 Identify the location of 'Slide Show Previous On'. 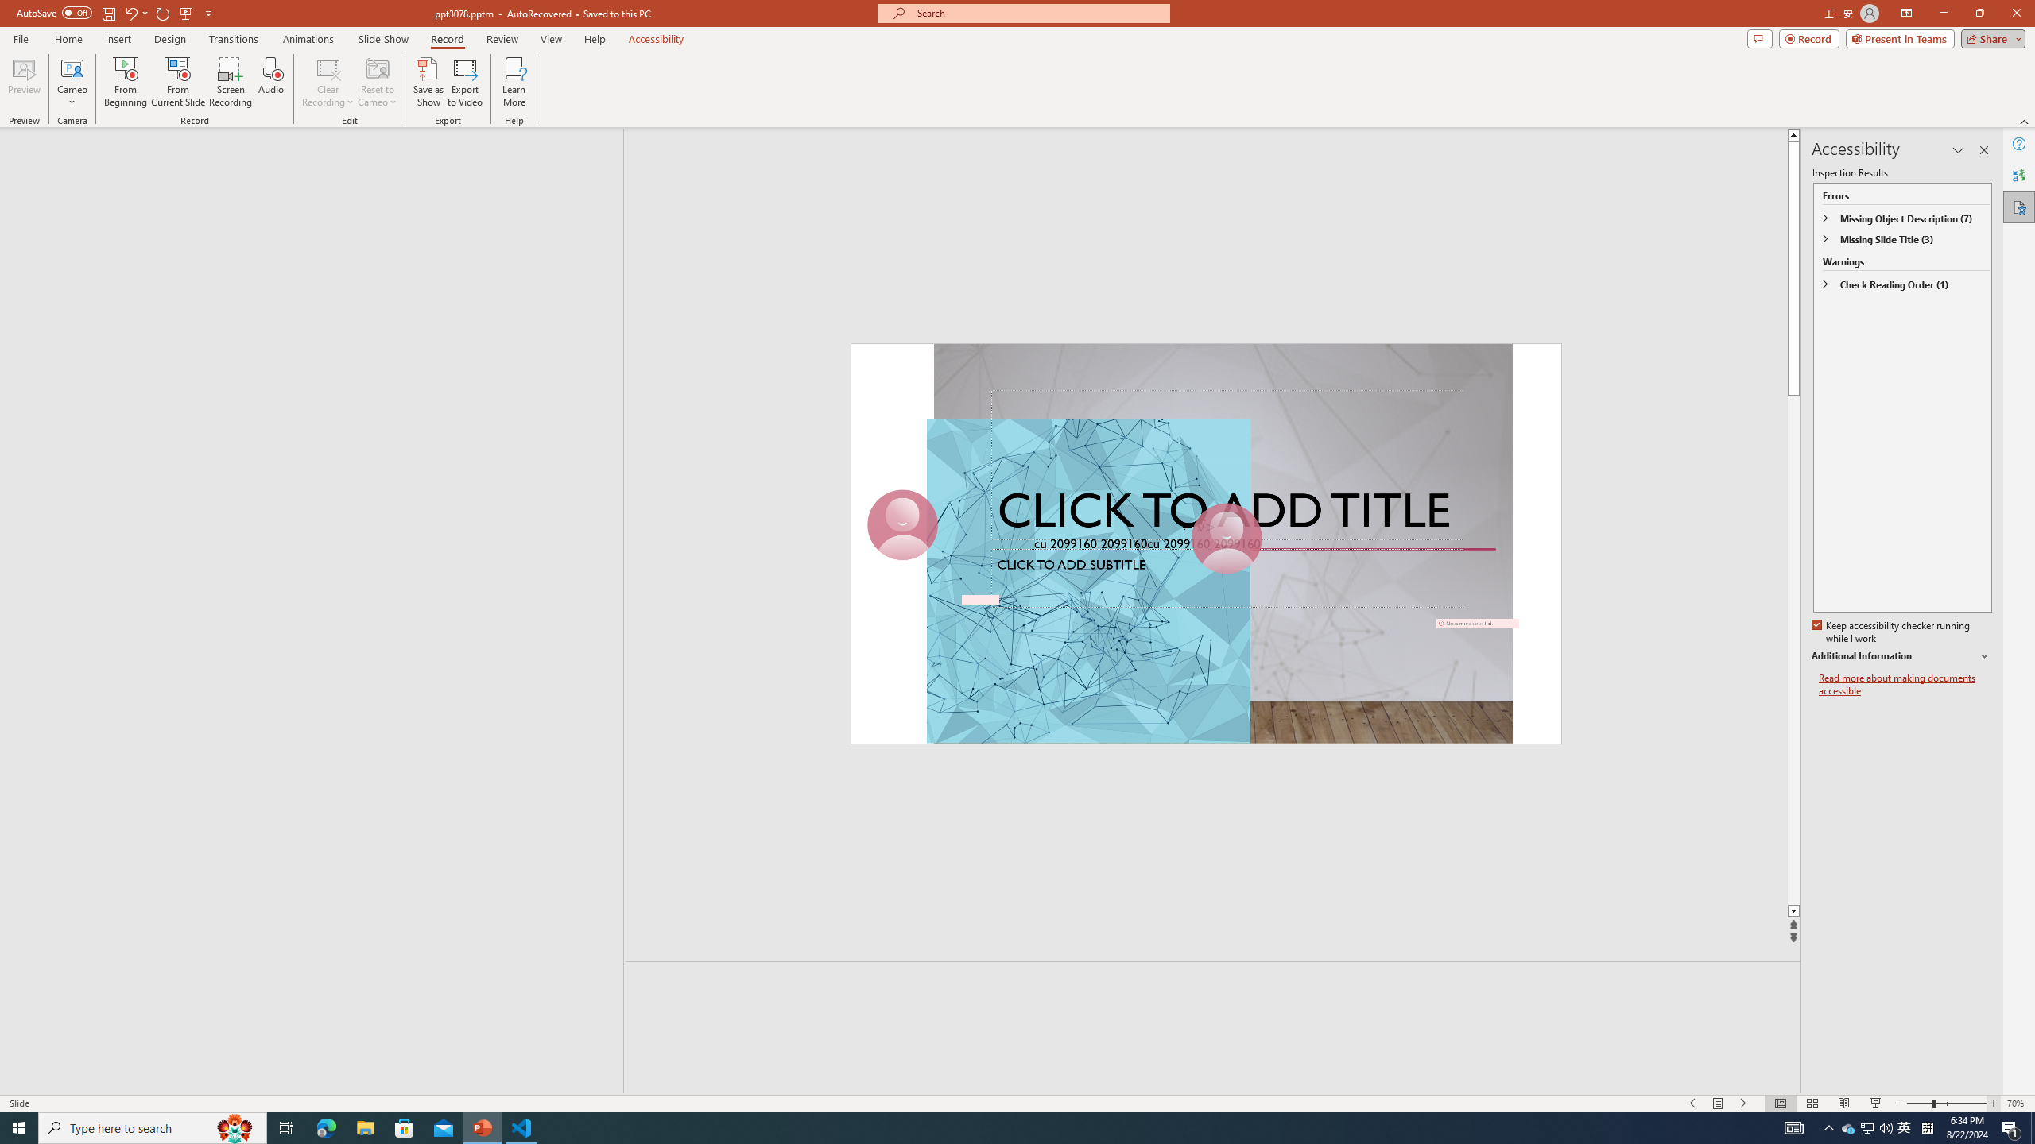
(1692, 1103).